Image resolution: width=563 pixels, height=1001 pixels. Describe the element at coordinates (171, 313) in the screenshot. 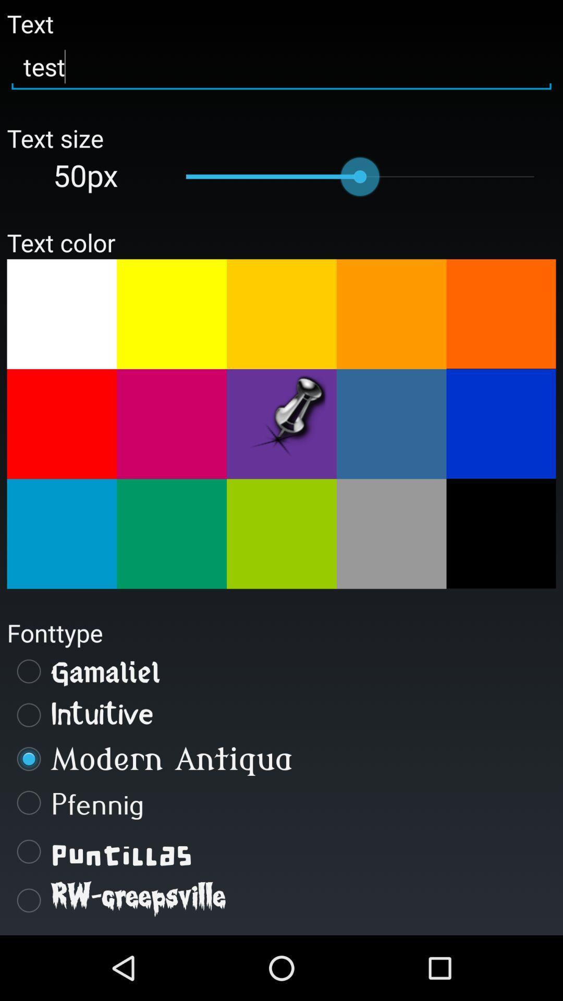

I see `yellow text color` at that location.